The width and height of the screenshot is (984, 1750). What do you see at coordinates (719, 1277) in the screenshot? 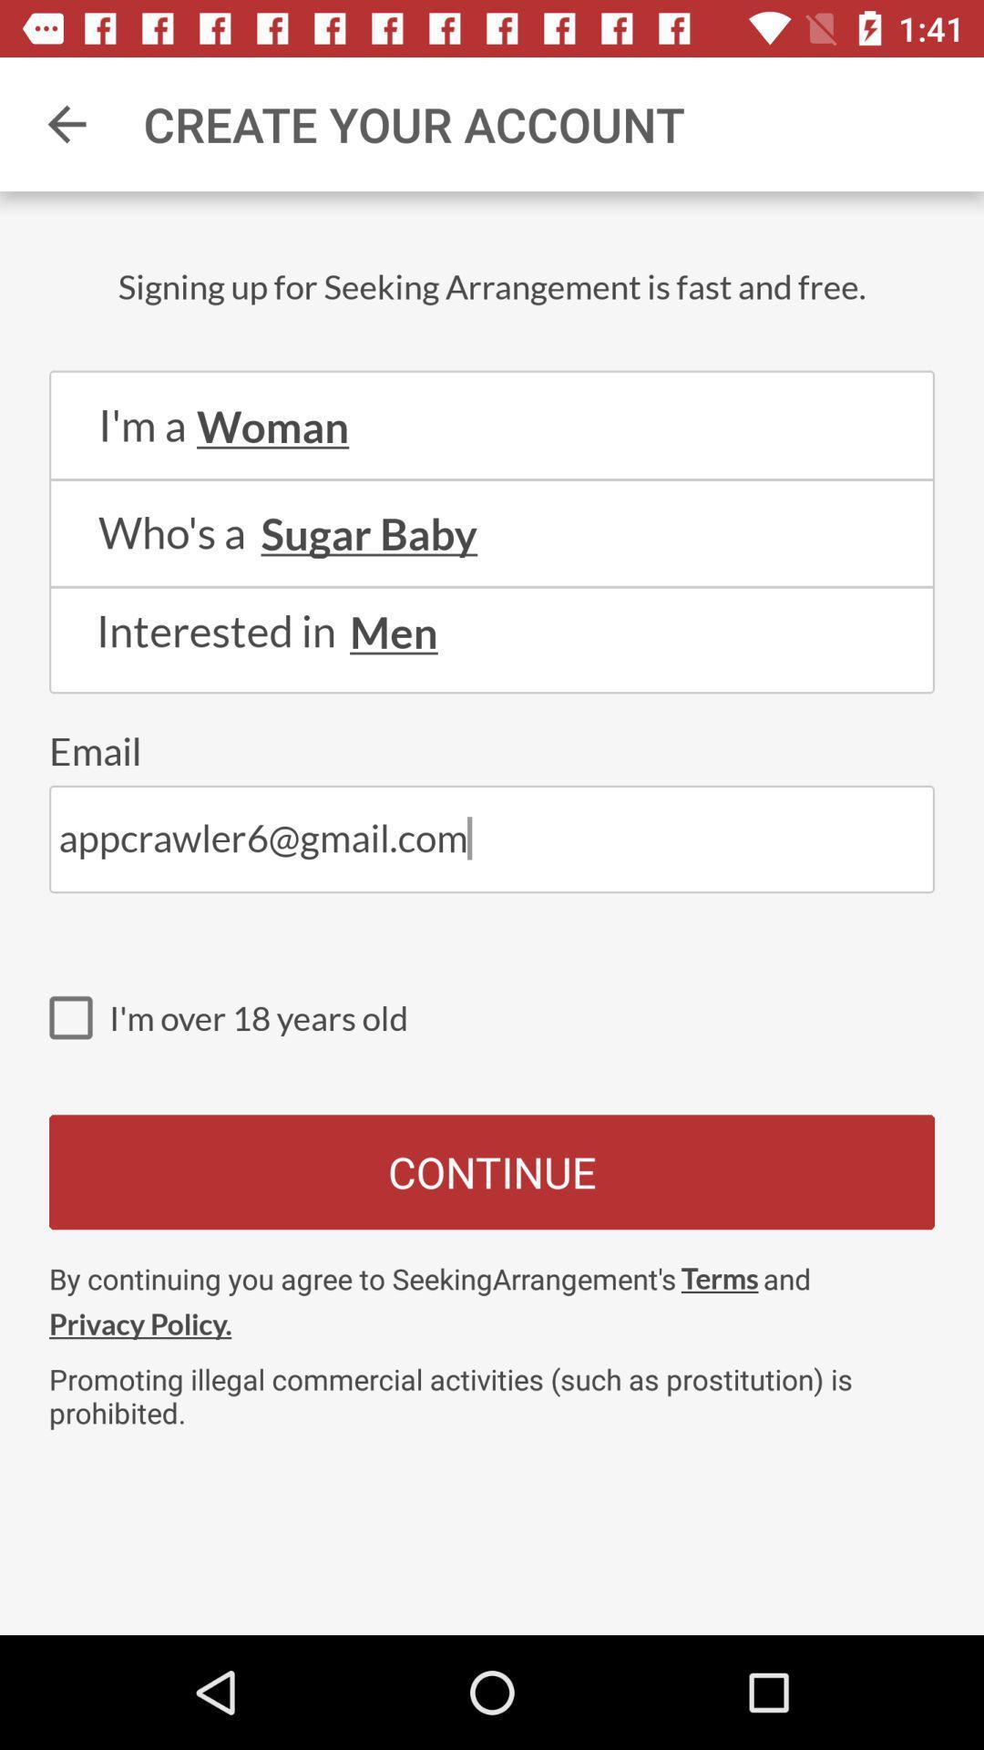
I see `icon next to and icon` at bounding box center [719, 1277].